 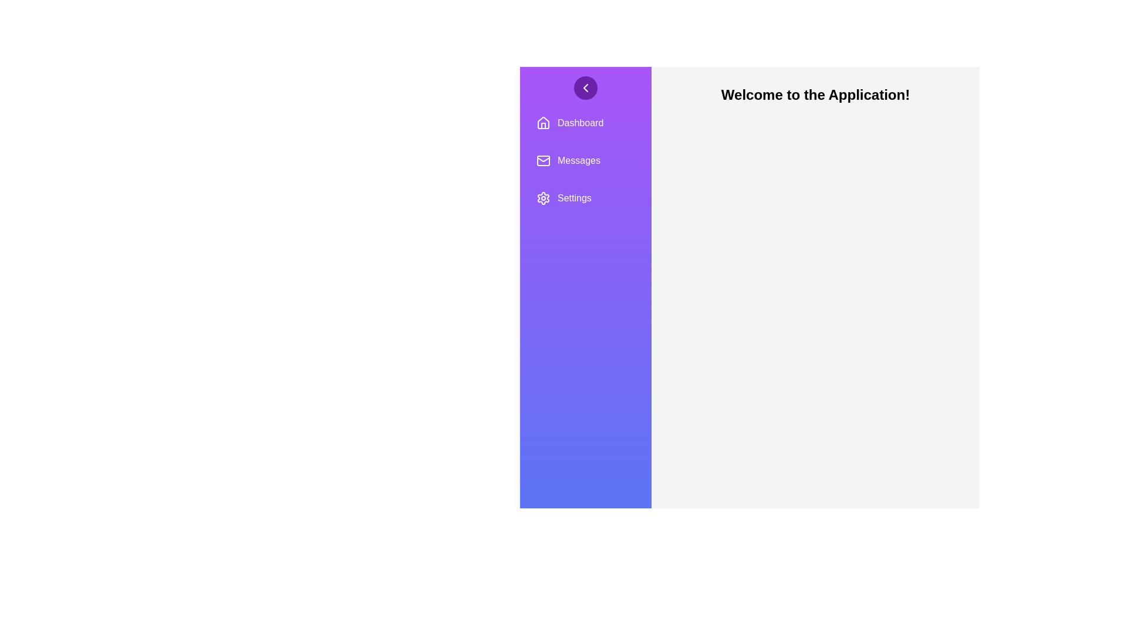 What do you see at coordinates (543, 198) in the screenshot?
I see `the settings icon, which is the third item in the vertical navigation menu in the left sidebar` at bounding box center [543, 198].